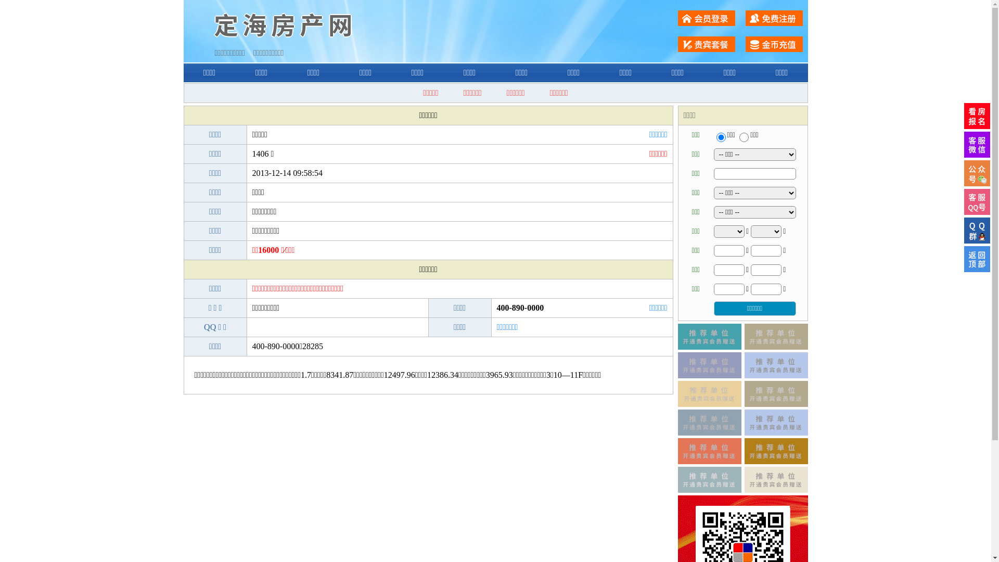 This screenshot has height=562, width=999. I want to click on 'chuzu', so click(744, 136).